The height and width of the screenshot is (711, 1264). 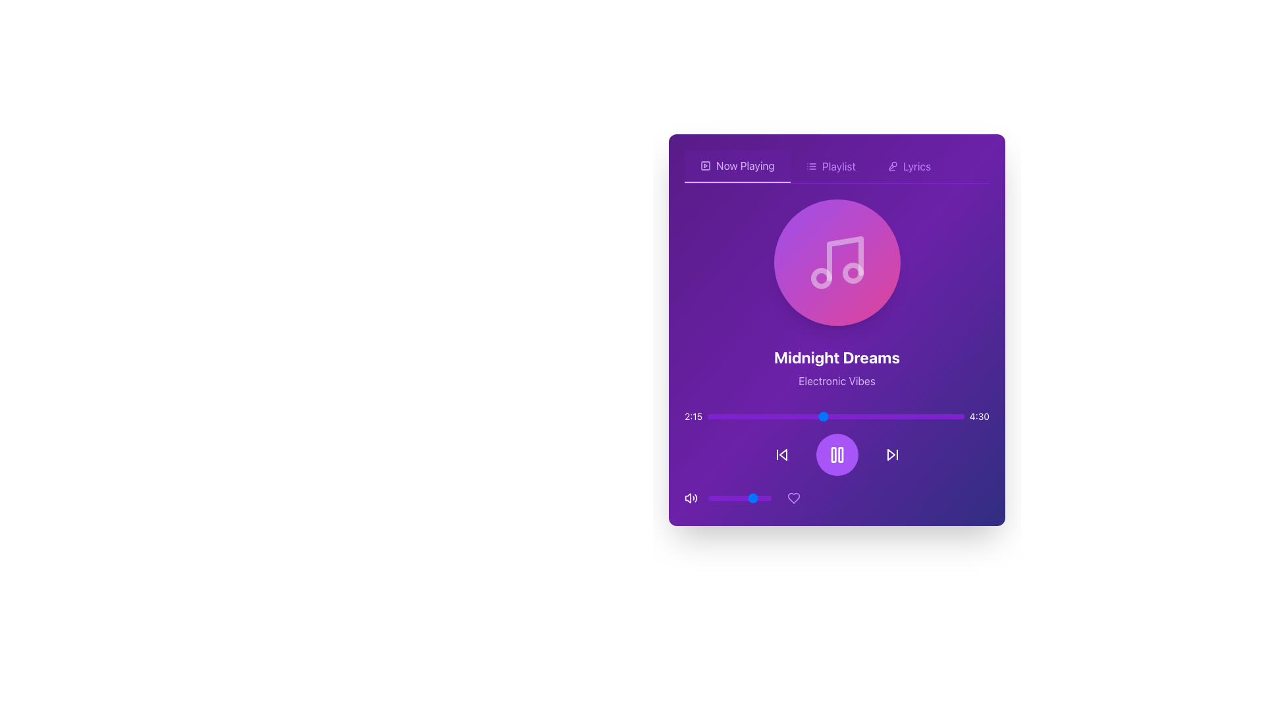 What do you see at coordinates (862, 416) in the screenshot?
I see `progress` at bounding box center [862, 416].